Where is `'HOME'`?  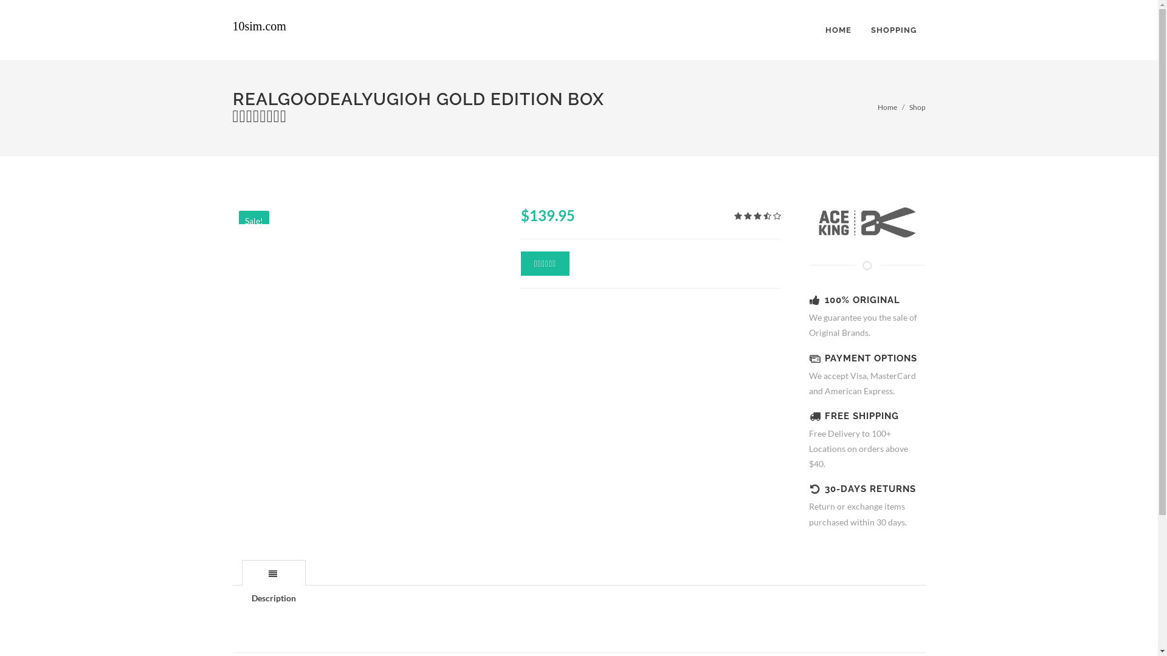 'HOME' is located at coordinates (837, 30).